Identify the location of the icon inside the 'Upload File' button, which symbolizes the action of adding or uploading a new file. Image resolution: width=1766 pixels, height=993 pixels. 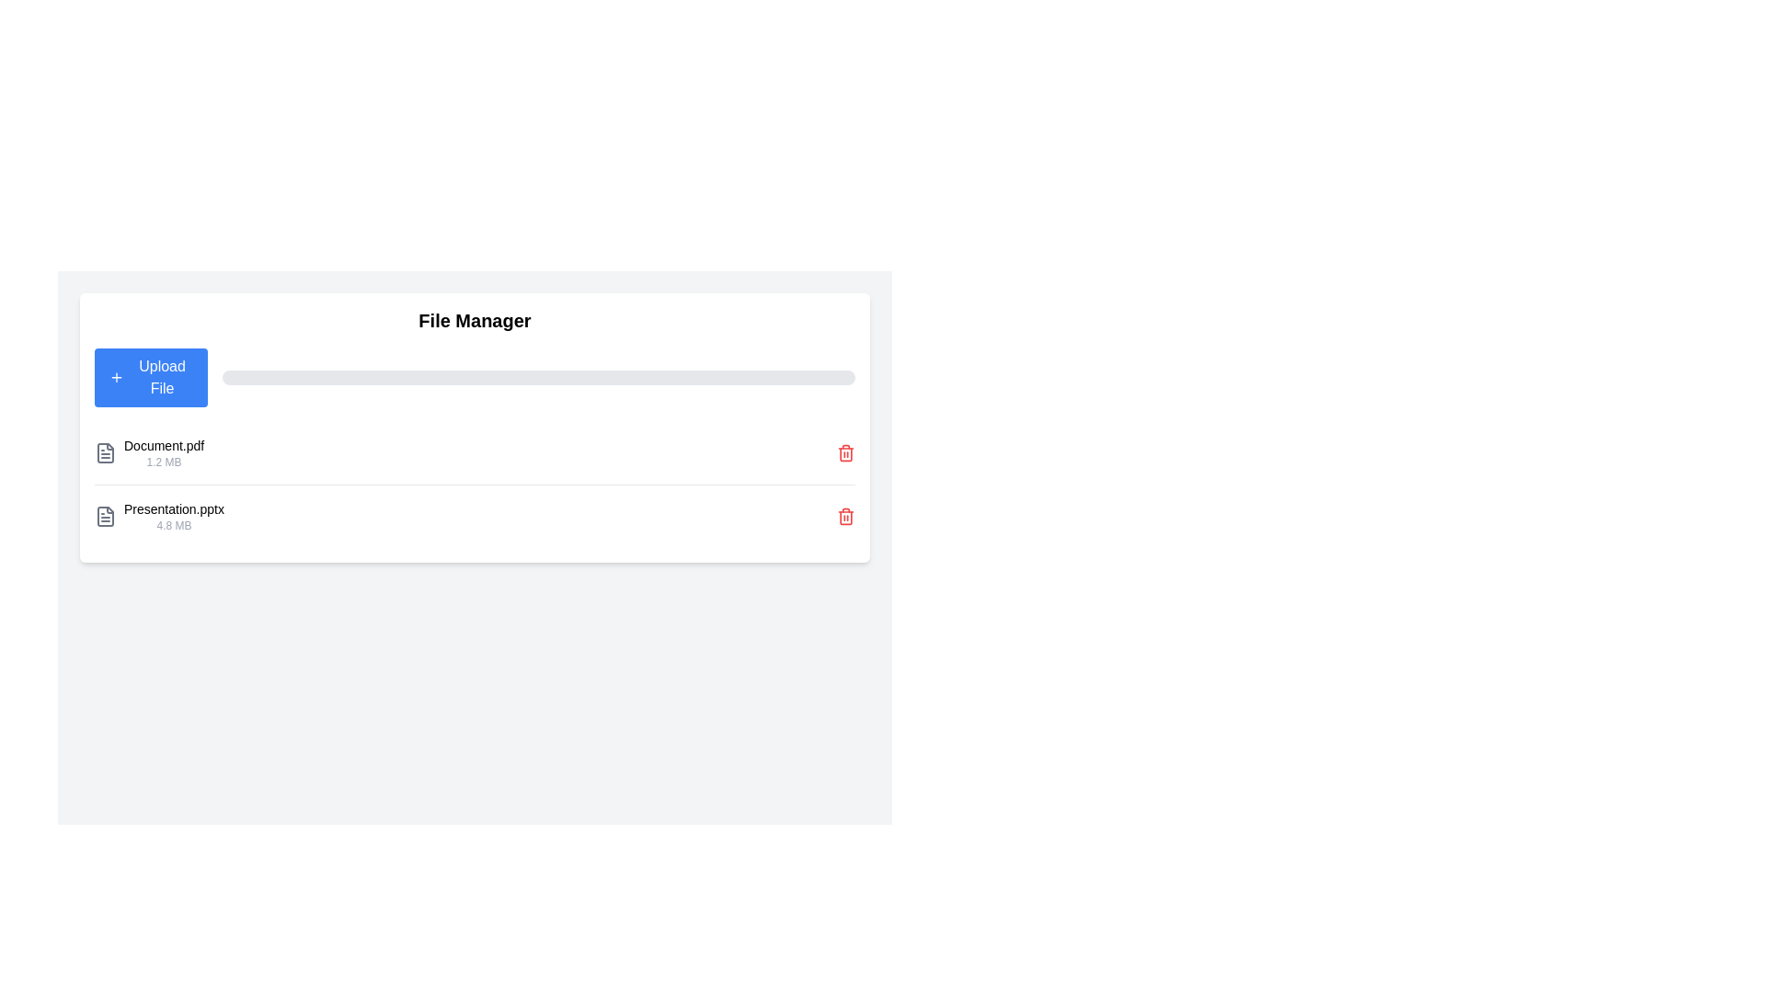
(116, 377).